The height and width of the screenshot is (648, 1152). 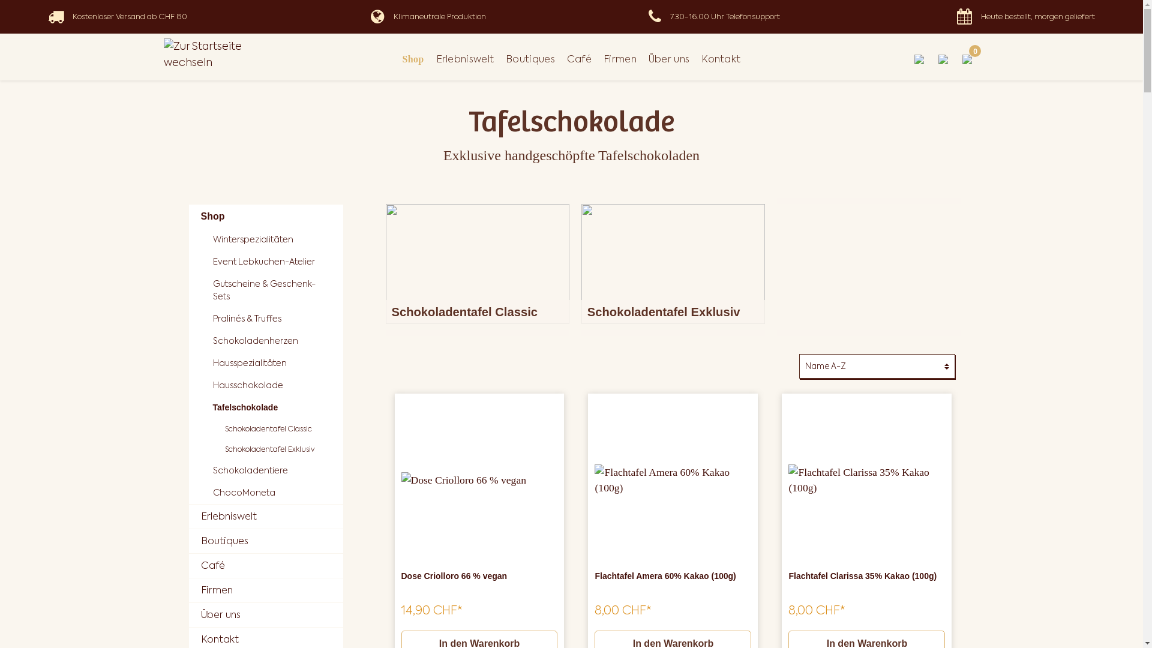 I want to click on '0', so click(x=967, y=59).